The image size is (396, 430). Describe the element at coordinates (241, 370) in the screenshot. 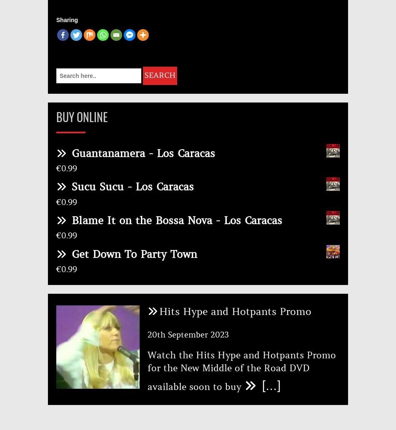

I see `'Watch the Hits Hype and Hotpants Promo for the New Middle of the Road DVD available soon to buy'` at that location.